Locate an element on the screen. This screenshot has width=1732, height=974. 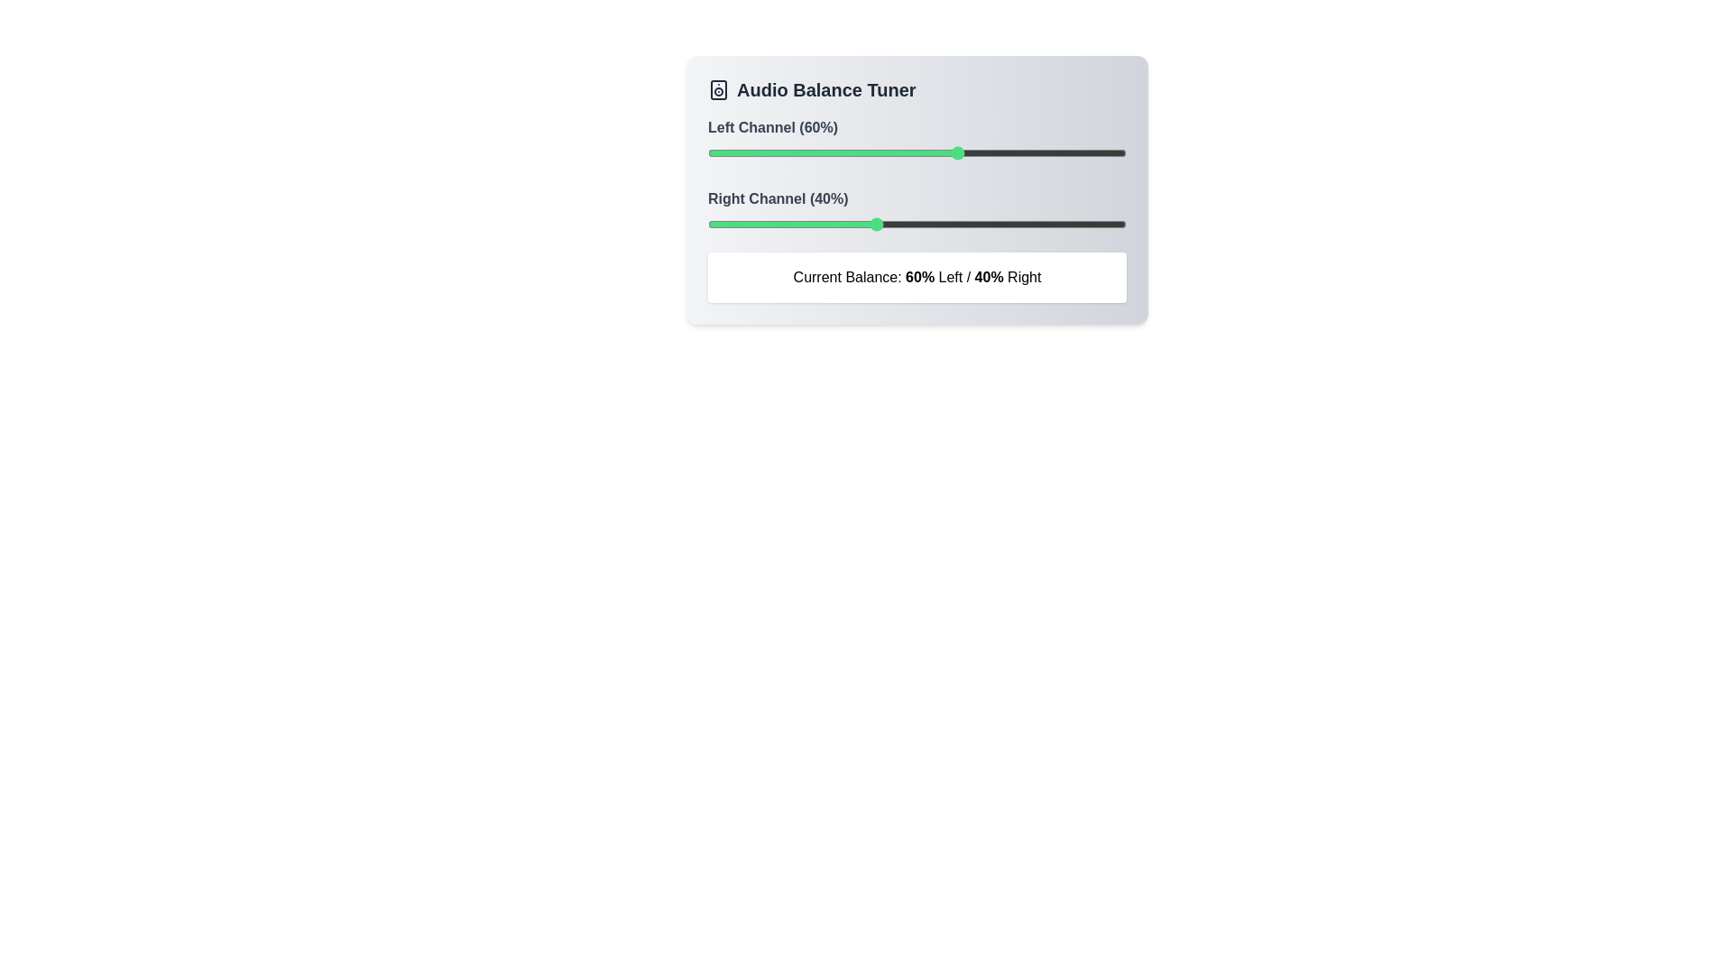
the balance of the 0 channel to 83% is located at coordinates (1055, 152).